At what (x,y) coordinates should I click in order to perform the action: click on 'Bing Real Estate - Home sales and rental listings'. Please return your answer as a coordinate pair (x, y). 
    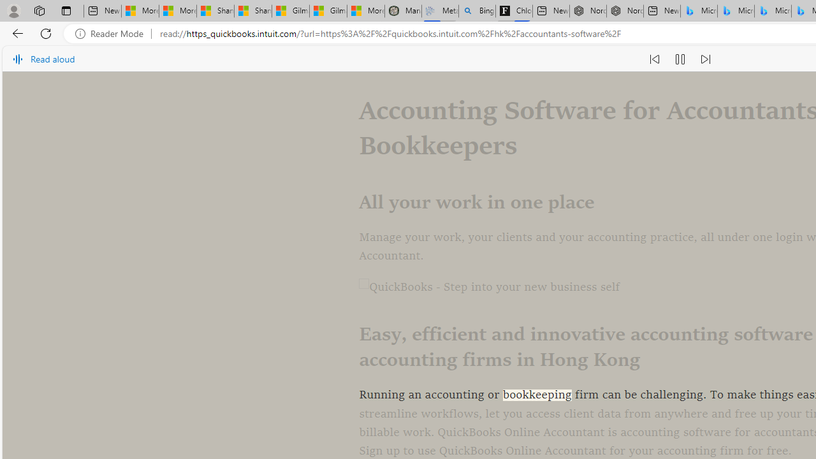
    Looking at the image, I should click on (476, 11).